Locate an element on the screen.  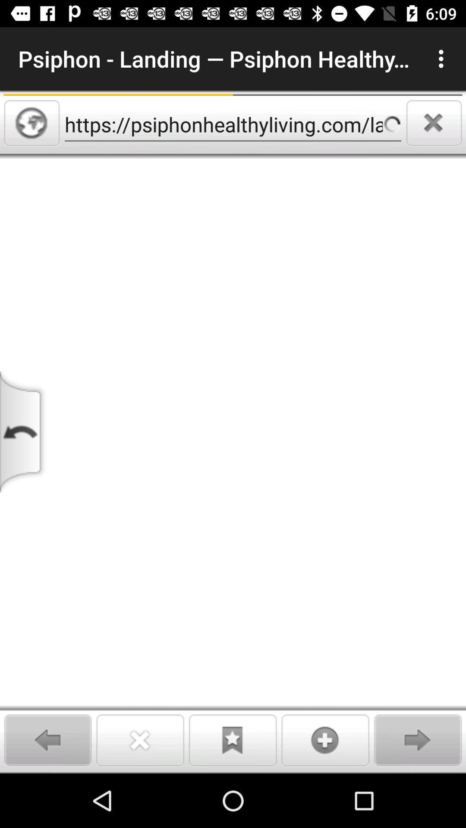
website page is located at coordinates (233, 465).